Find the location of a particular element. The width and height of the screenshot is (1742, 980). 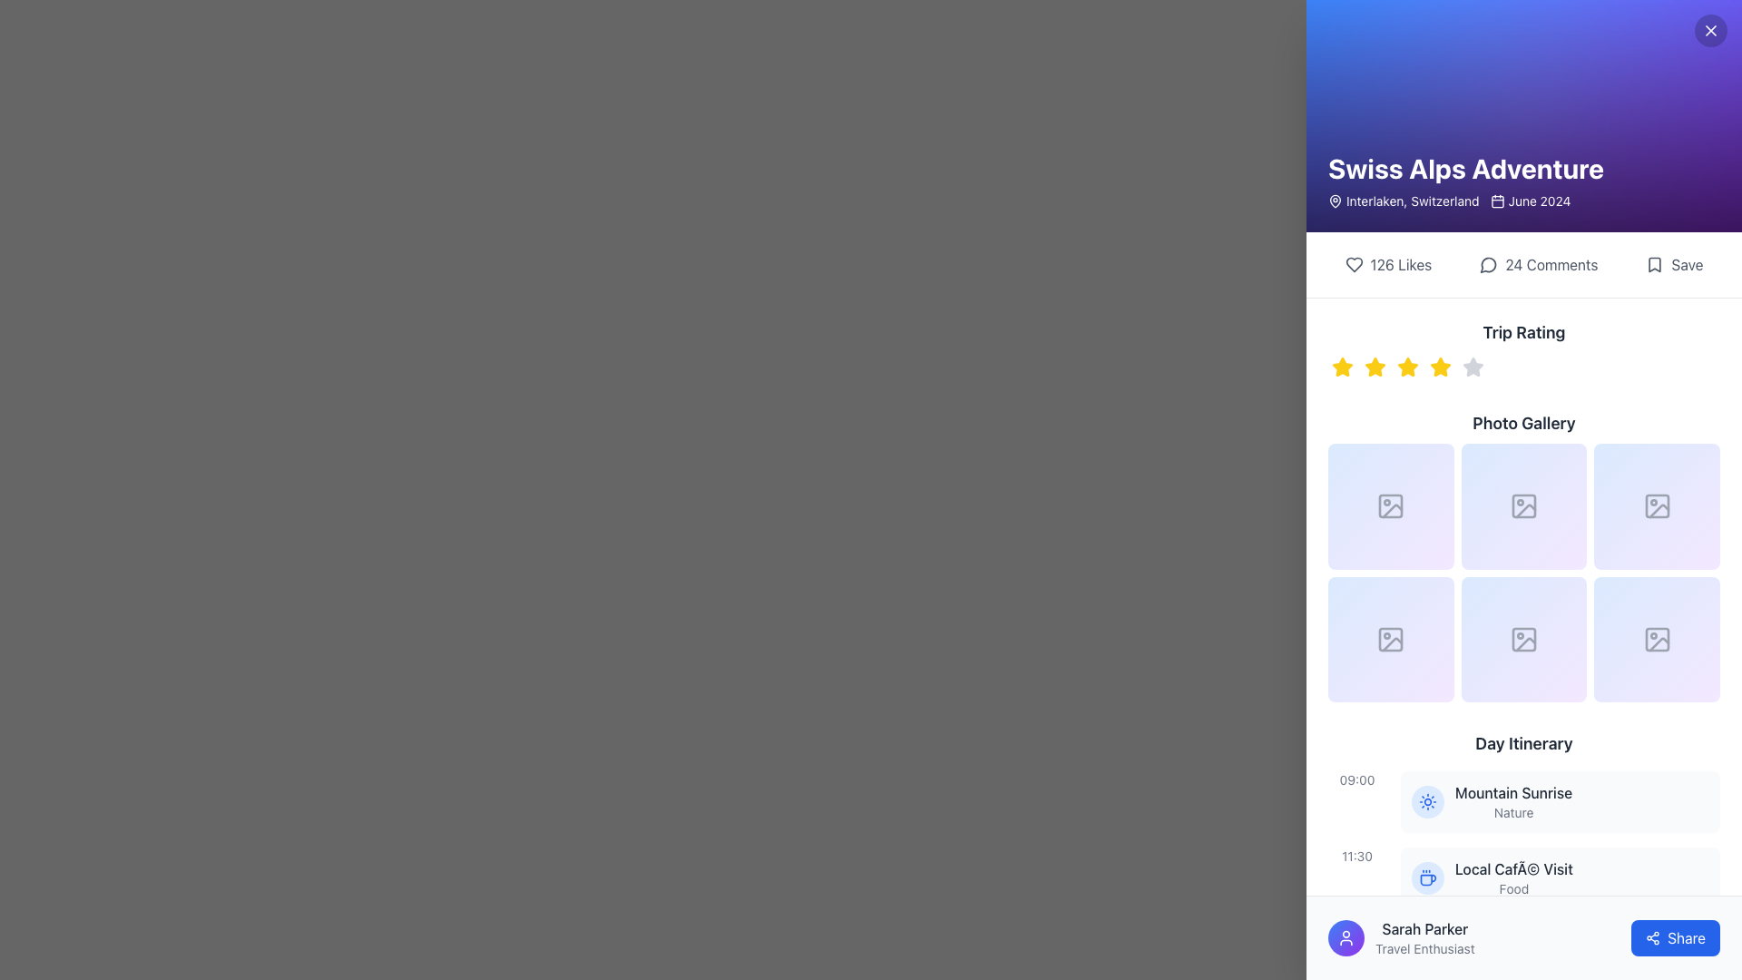

informational text that displays 'Interlaken, Switzerland' and 'June 2024', located near the top-left corner of the purple header section, following the title 'Swiss Alps Adventure' is located at coordinates (1466, 201).